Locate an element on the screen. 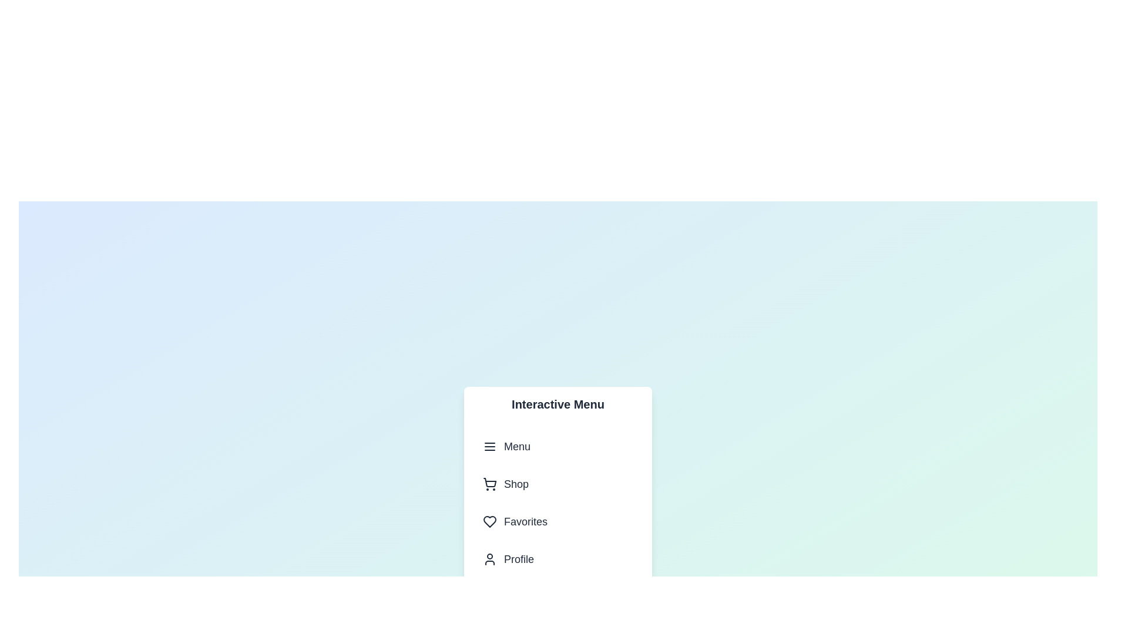 This screenshot has width=1128, height=634. the menu item labeled Profile to activate it is located at coordinates (558, 558).